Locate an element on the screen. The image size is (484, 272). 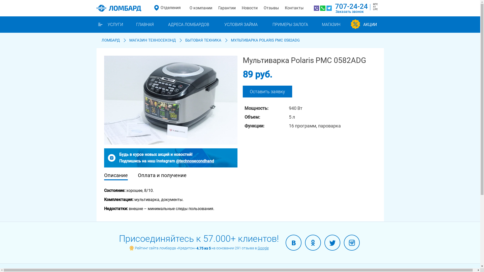
'707-24-24' is located at coordinates (351, 6).